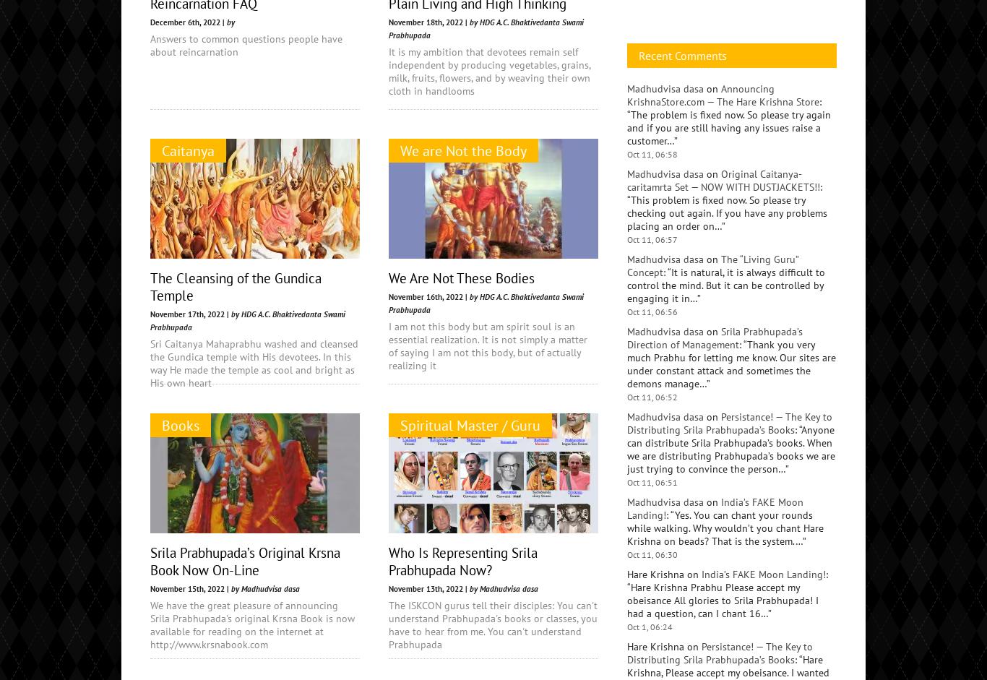 Image resolution: width=987 pixels, height=680 pixels. Describe the element at coordinates (791, 104) in the screenshot. I see `'Women'` at that location.